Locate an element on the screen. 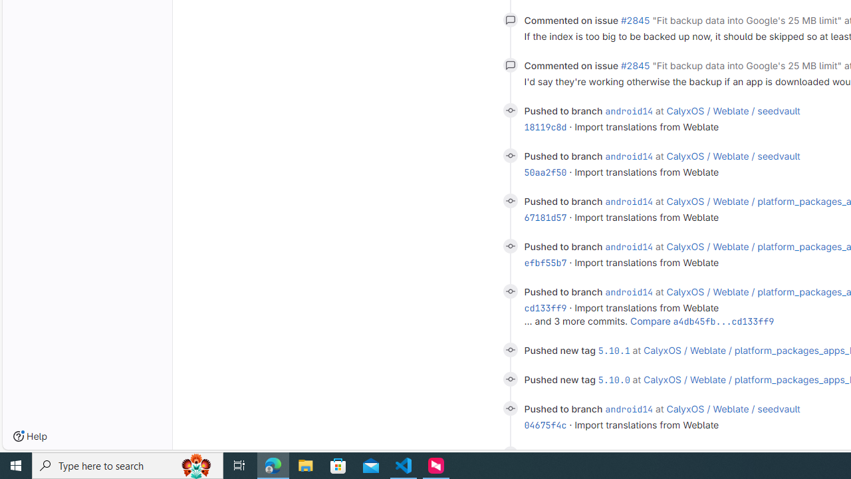 The image size is (851, 479). '04675f4c' is located at coordinates (545, 425).